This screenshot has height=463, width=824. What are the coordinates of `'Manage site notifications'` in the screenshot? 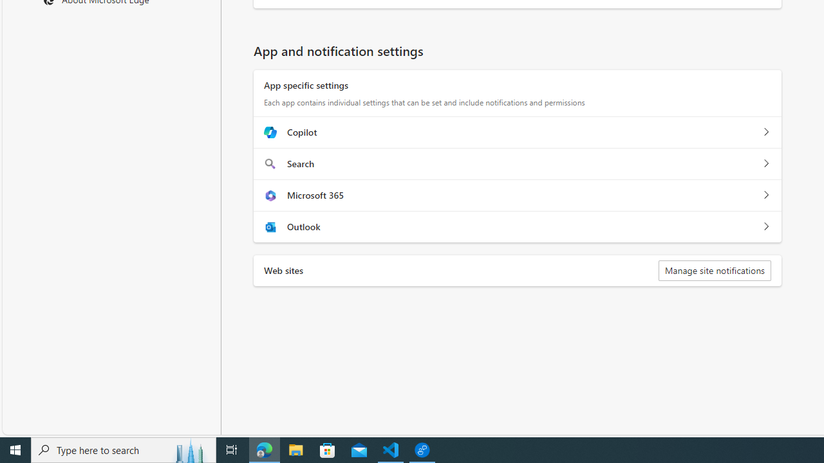 It's located at (713, 269).